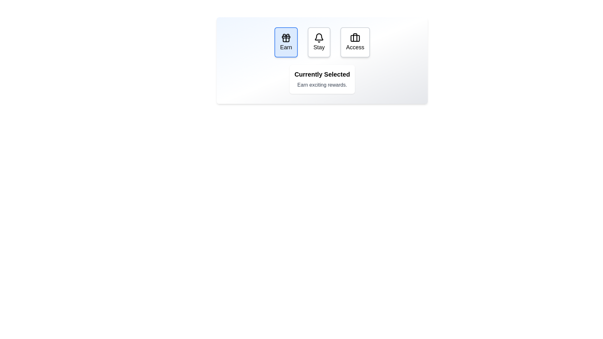 This screenshot has width=603, height=339. What do you see at coordinates (322, 79) in the screenshot?
I see `text from the informational panel that says 'Currently Selected' in bold, black font and 'Earn exciting rewards.' in smaller gray font, located centrally beneath the 'Stay' button` at bounding box center [322, 79].